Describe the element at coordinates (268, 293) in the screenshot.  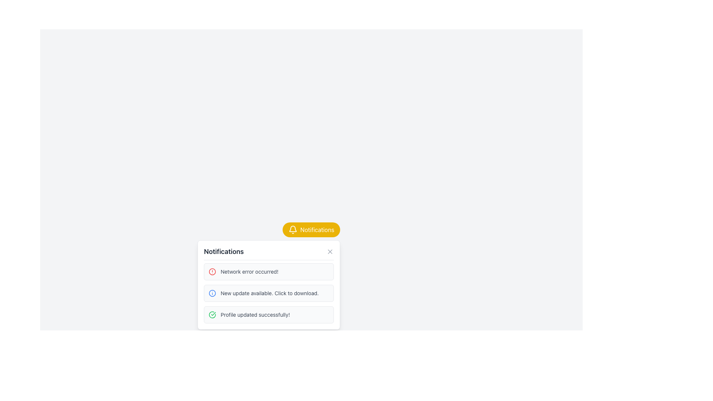
I see `an item in the Notification List located in the 'Notifications' section at the bottom-right of the interface` at that location.